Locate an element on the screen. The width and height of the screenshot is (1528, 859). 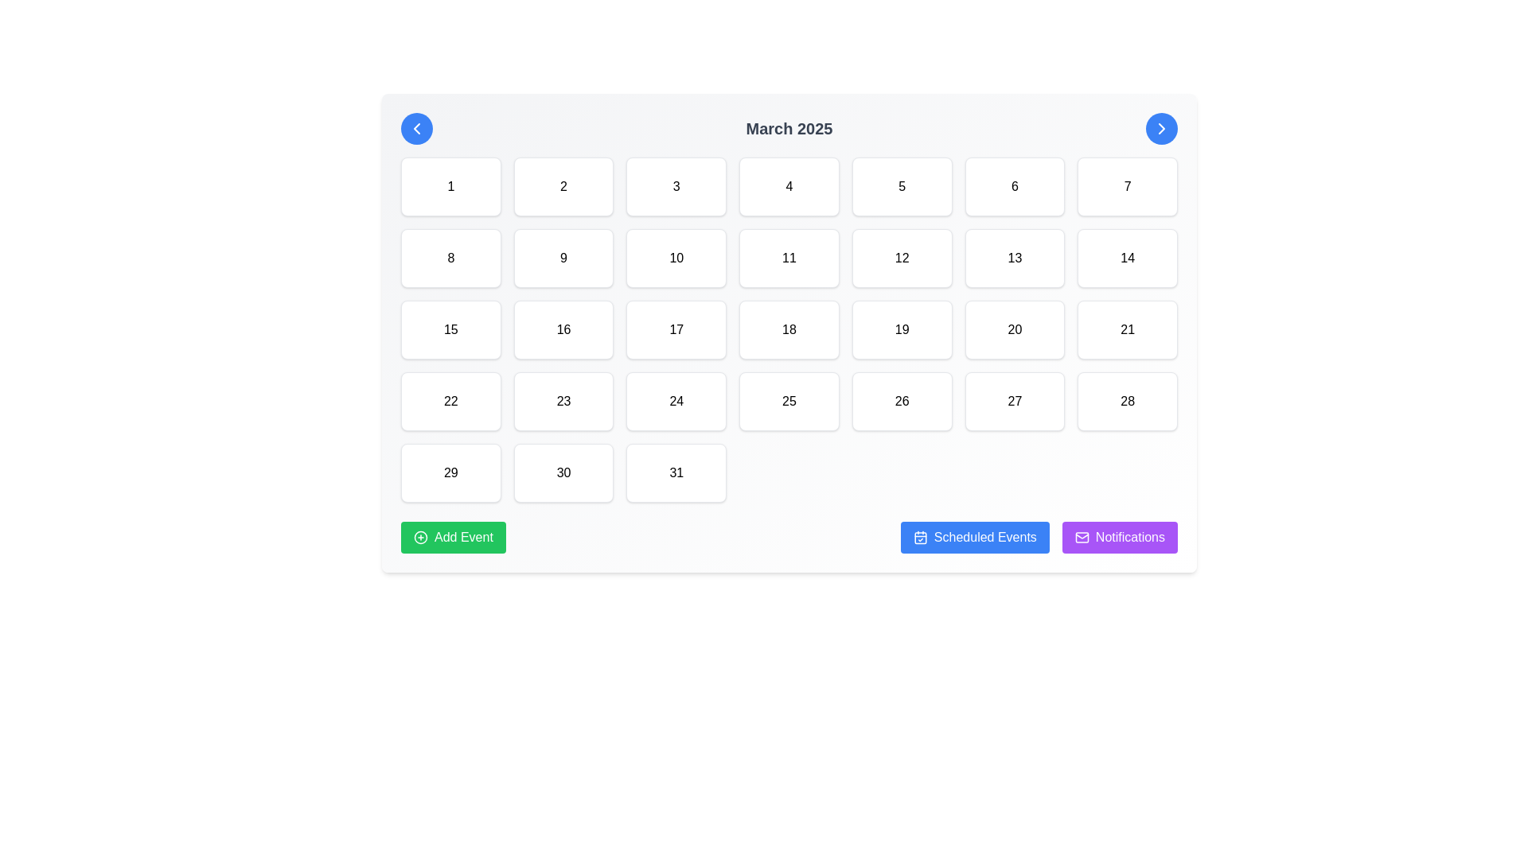
the calendar date box representing the ninth day of March 2025, located in the second row, second column of the calendar grid is located at coordinates (563, 257).